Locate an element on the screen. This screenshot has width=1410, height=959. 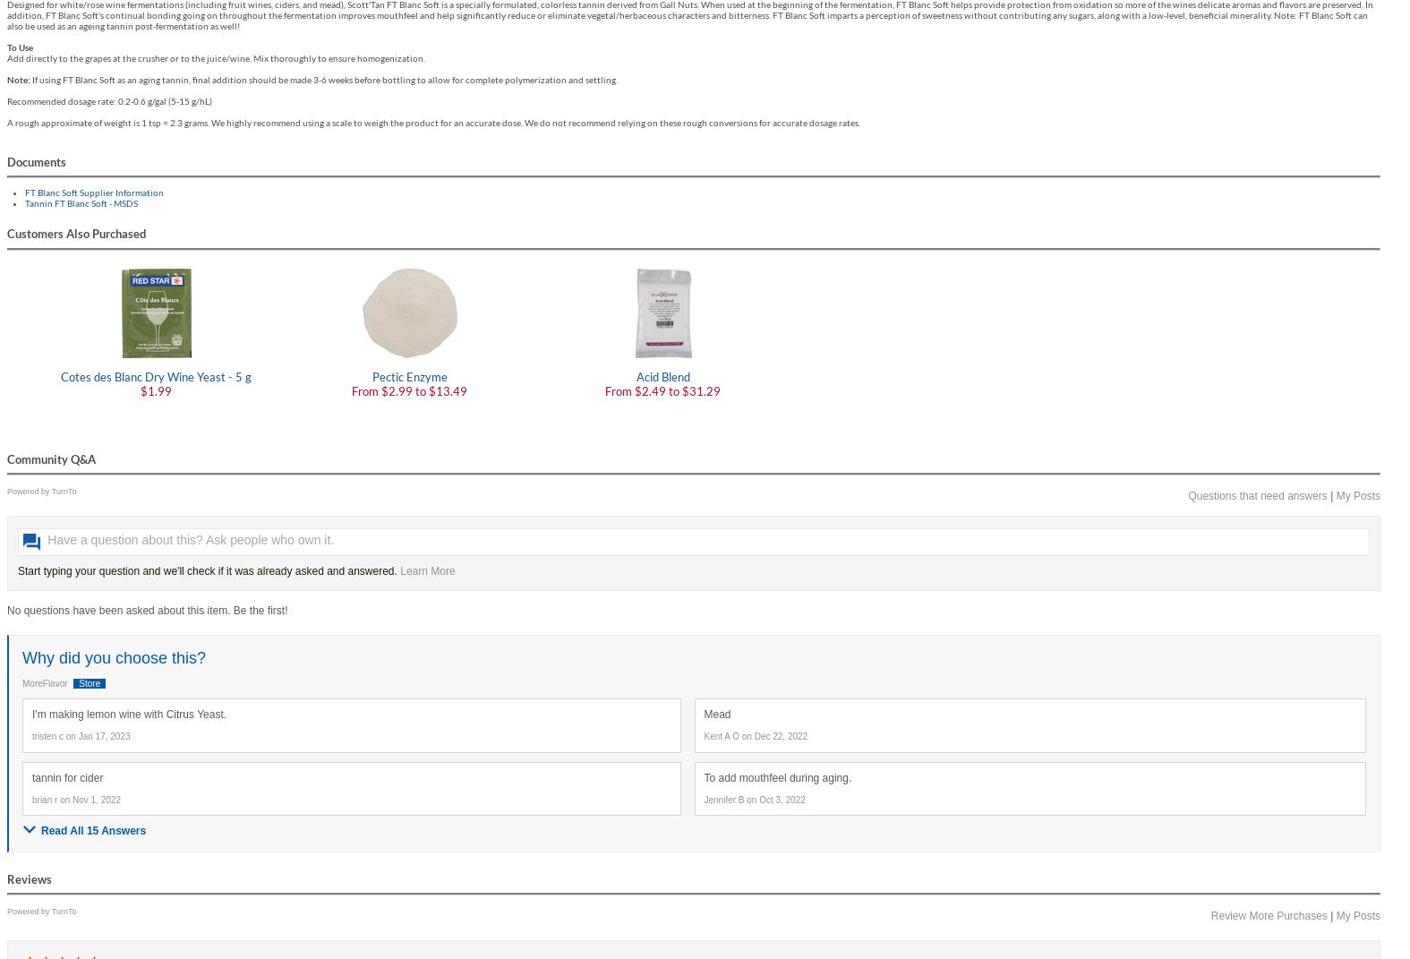
'Review More Purchases' is located at coordinates (1268, 914).